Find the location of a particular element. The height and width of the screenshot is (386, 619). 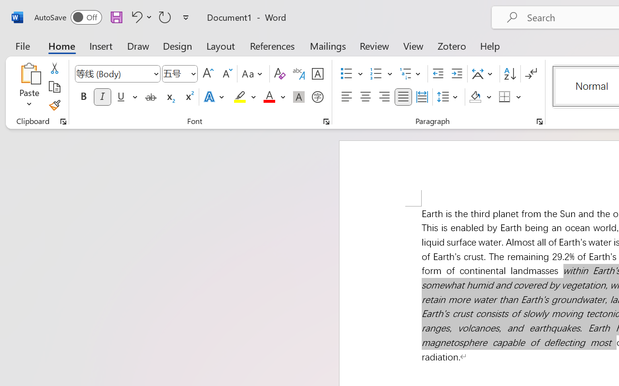

'Text Effects and Typography' is located at coordinates (214, 97).